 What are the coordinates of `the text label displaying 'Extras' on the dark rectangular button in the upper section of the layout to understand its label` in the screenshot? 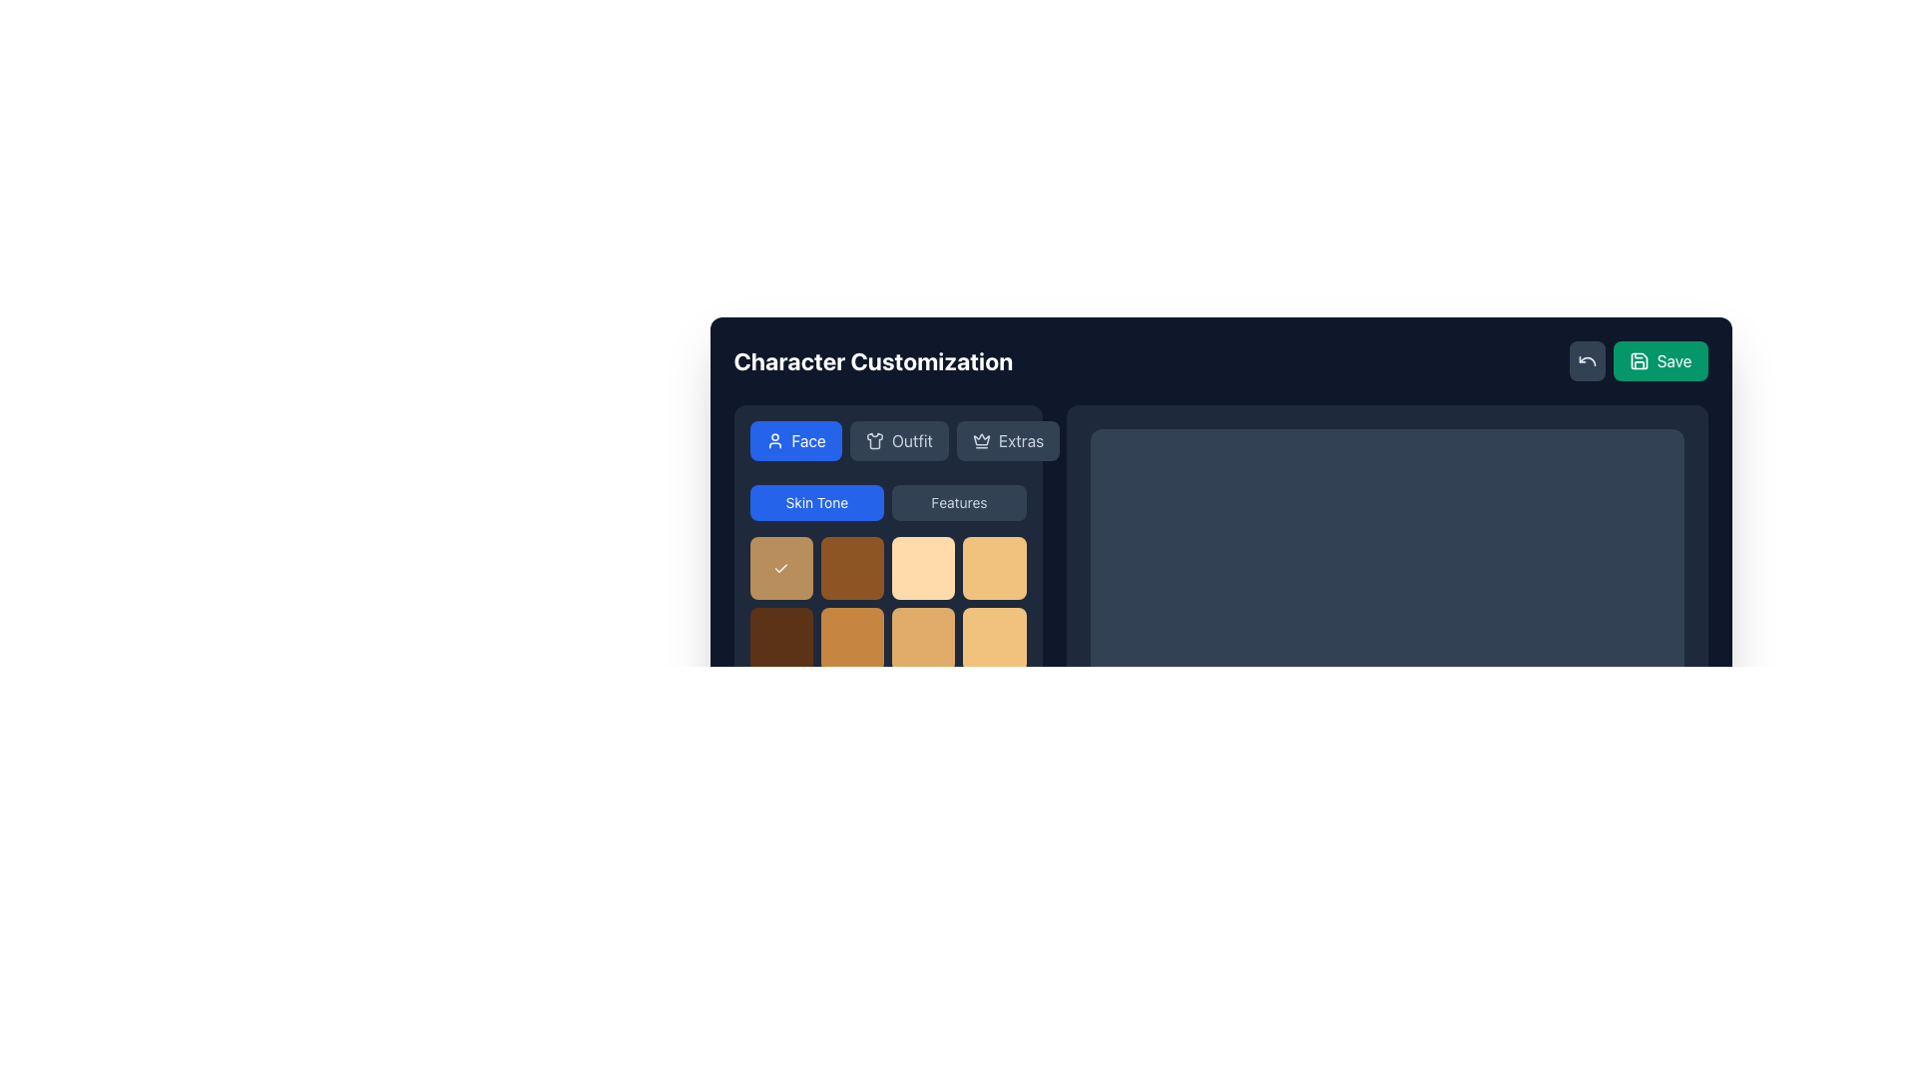 It's located at (1021, 440).